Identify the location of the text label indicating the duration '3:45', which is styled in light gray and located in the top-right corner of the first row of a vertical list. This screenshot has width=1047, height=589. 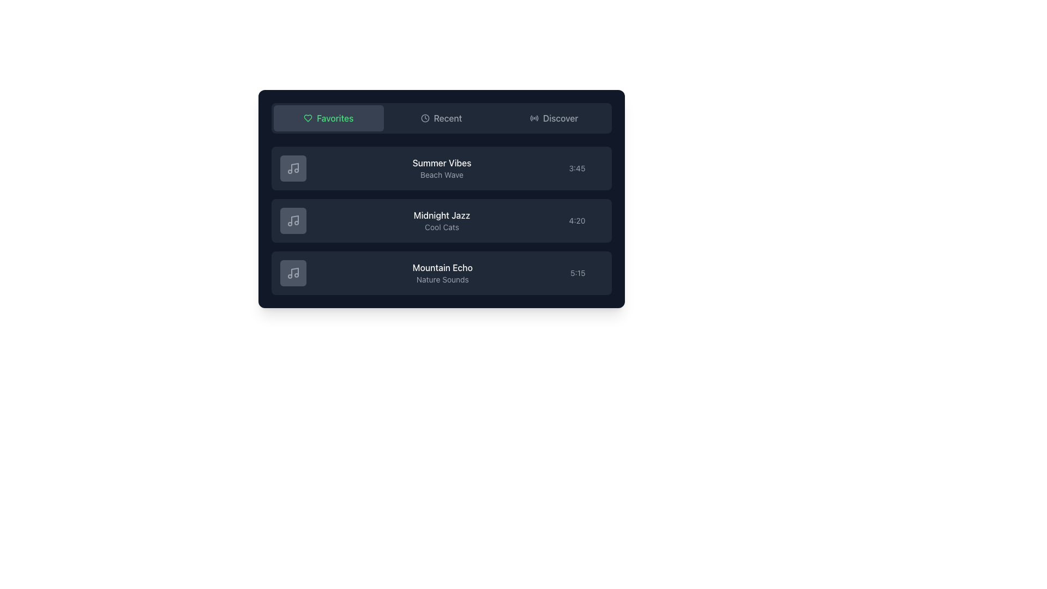
(576, 168).